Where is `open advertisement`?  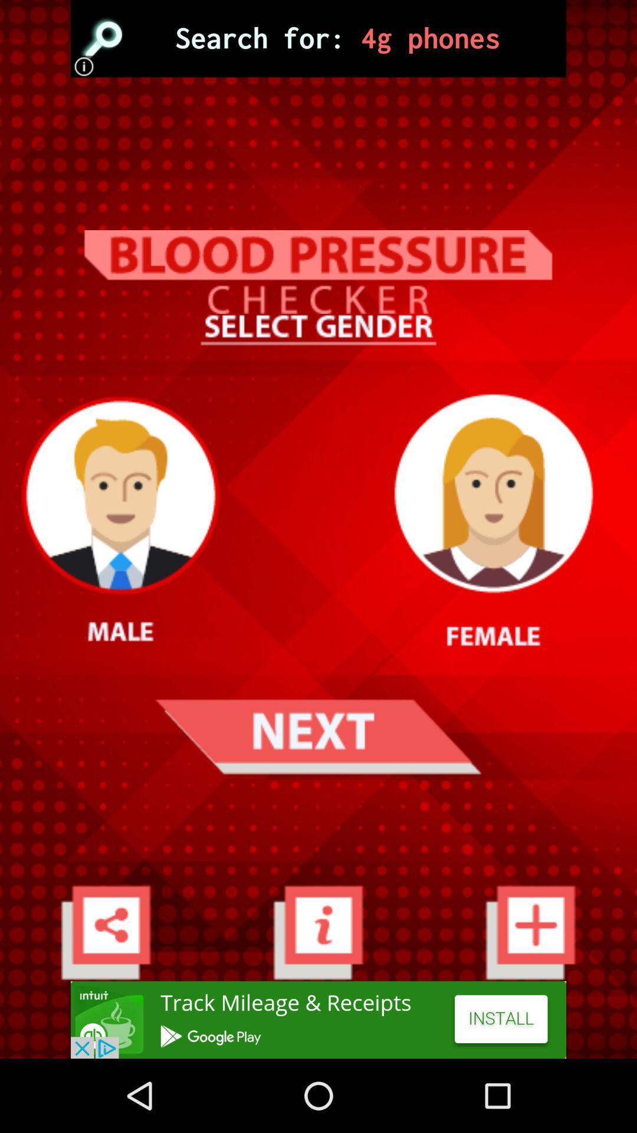 open advertisement is located at coordinates (318, 38).